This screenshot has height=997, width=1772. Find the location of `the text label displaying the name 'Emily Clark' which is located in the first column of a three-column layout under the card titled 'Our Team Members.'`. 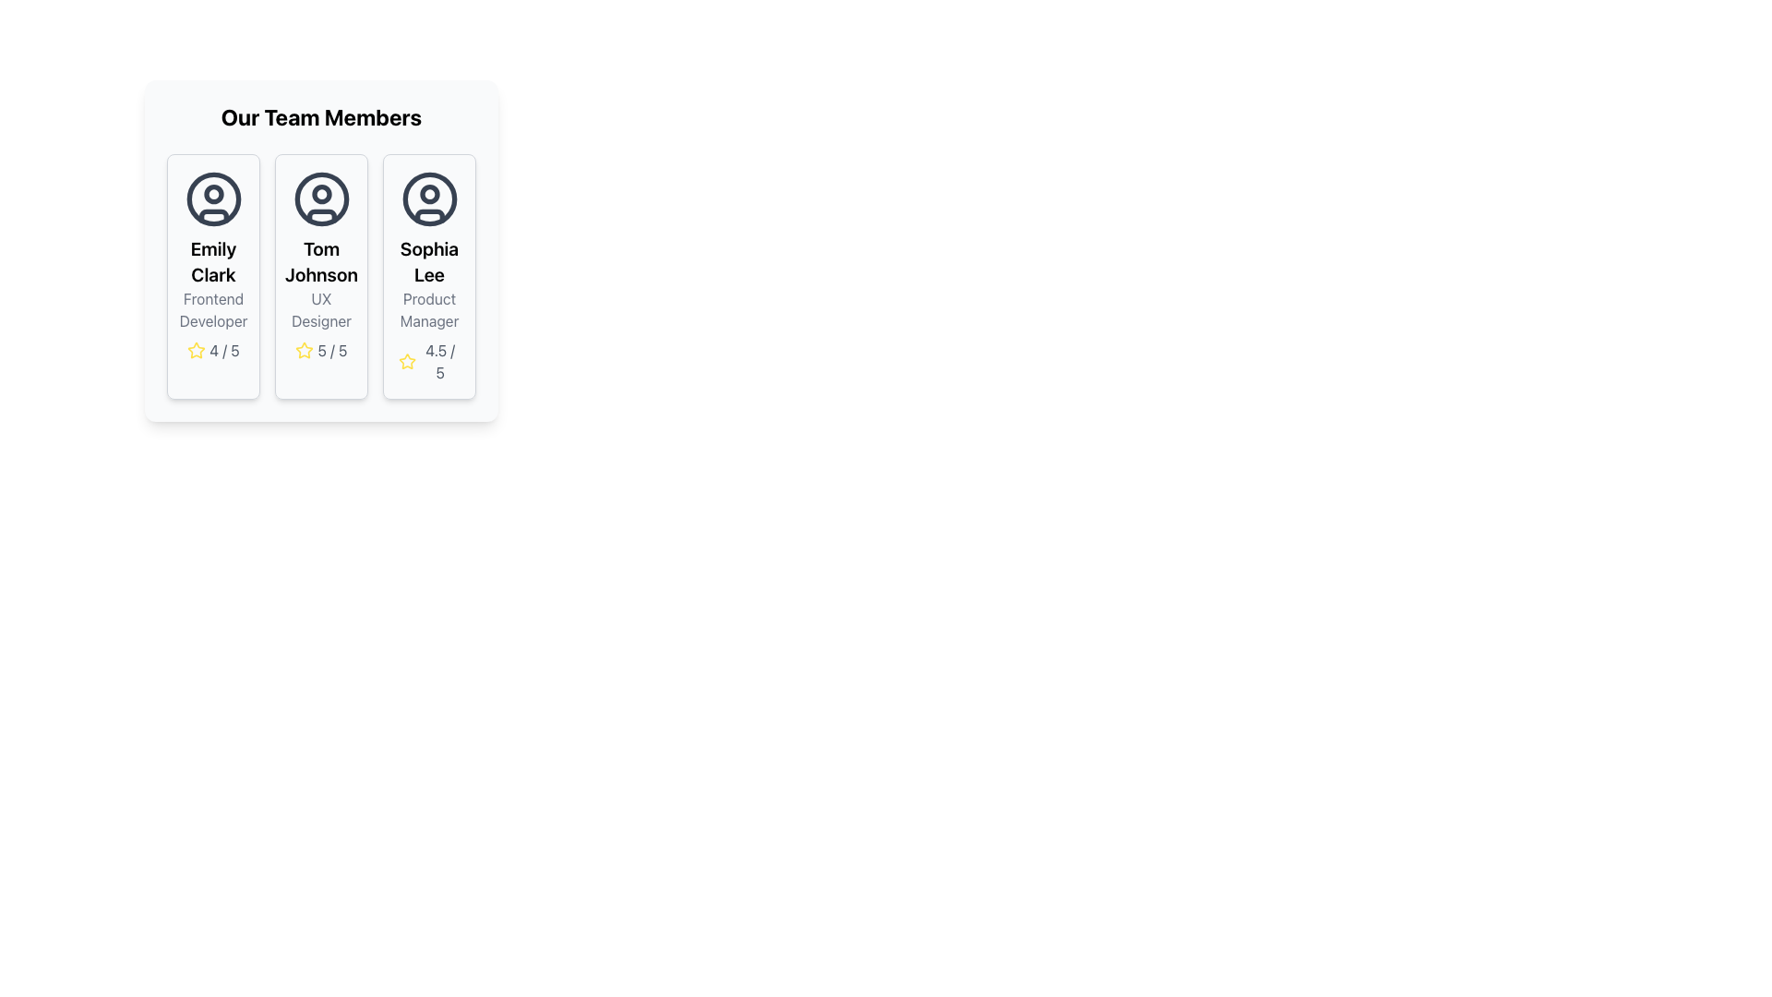

the text label displaying the name 'Emily Clark' which is located in the first column of a three-column layout under the card titled 'Our Team Members.' is located at coordinates (213, 262).